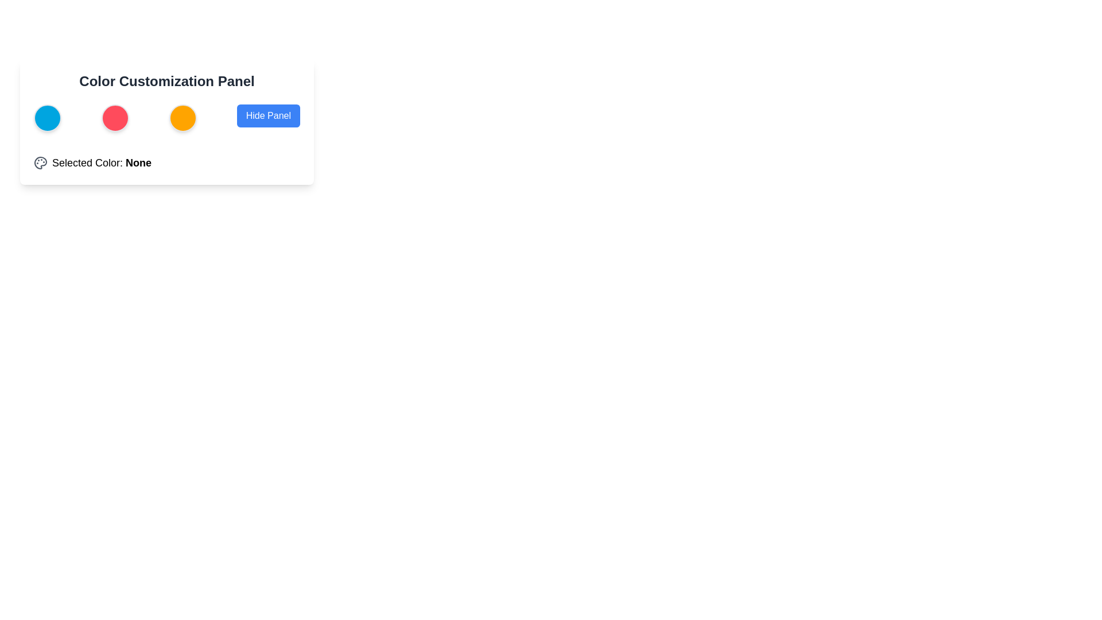 This screenshot has height=620, width=1102. Describe the element at coordinates (46, 118) in the screenshot. I see `the first circular button in the top-left corner of the grid` at that location.